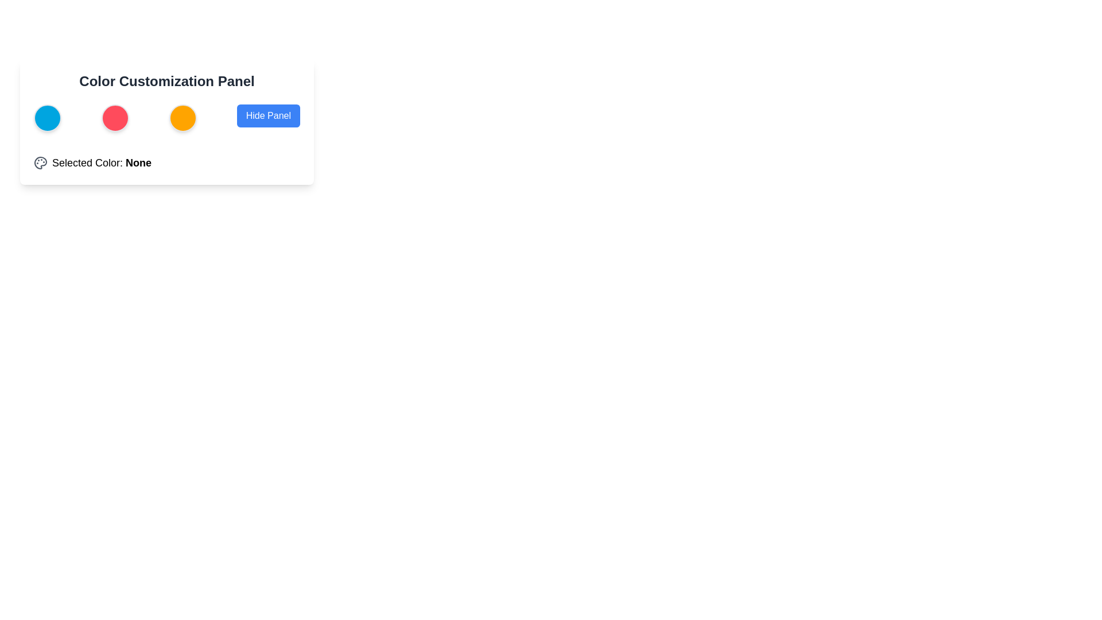 This screenshot has height=620, width=1102. Describe the element at coordinates (46, 118) in the screenshot. I see `the first circular button in the top-left corner of the grid` at that location.